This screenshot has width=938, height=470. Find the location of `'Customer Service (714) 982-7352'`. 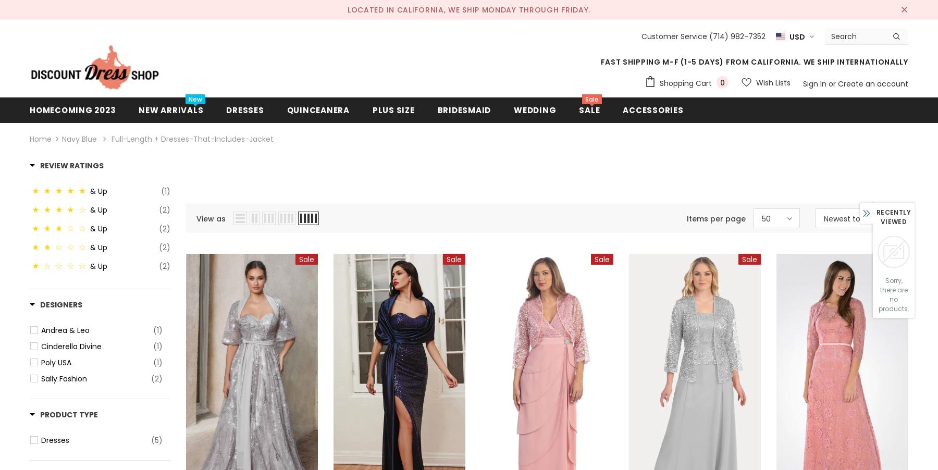

'Customer Service (714) 982-7352' is located at coordinates (702, 35).